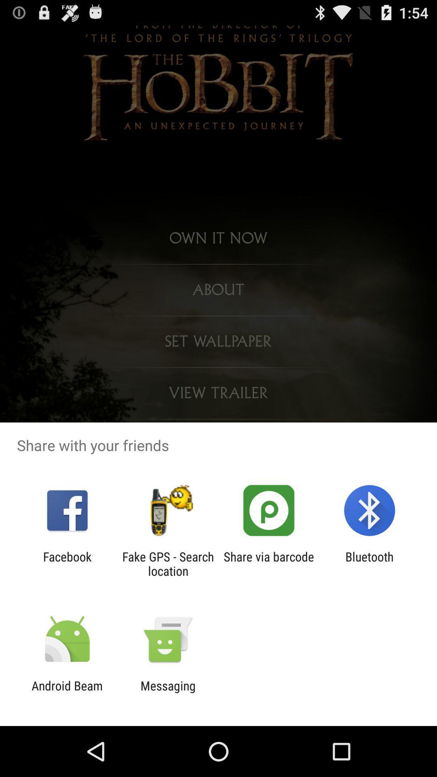  Describe the element at coordinates (67, 563) in the screenshot. I see `icon next to the fake gps search` at that location.